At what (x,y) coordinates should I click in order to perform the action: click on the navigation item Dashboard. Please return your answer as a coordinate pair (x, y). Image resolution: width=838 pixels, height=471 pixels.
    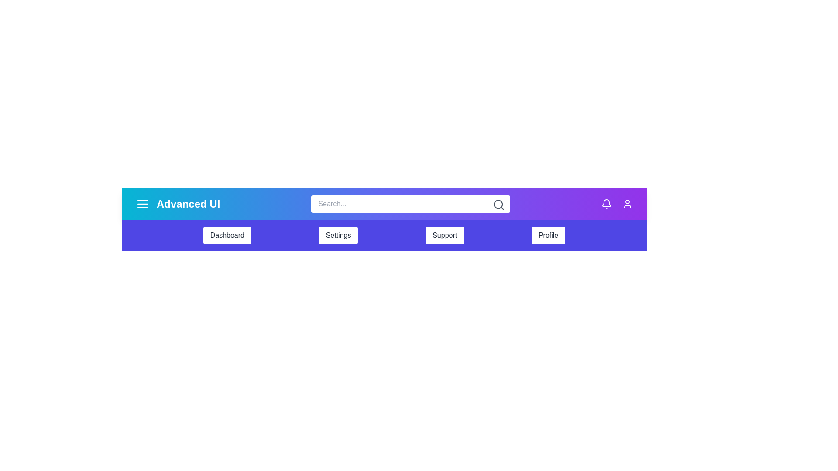
    Looking at the image, I should click on (227, 235).